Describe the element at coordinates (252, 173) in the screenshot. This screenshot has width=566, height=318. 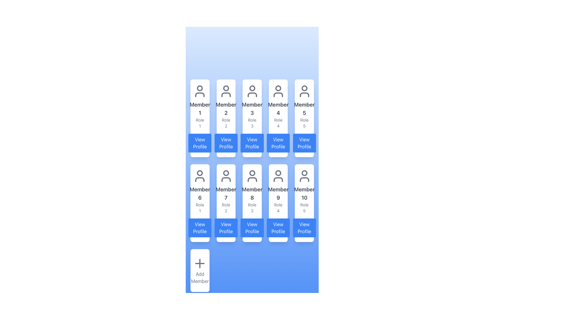
I see `the circular head of the person icon representing 'Member 8' located in the second row and third column of the grid layout` at that location.